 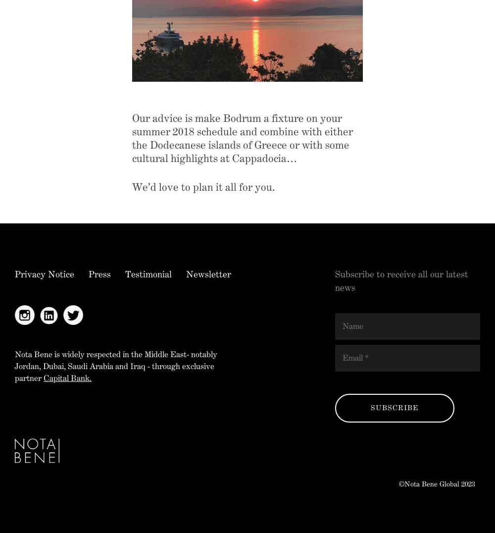 I want to click on 'Our advice is make Bodrum a fixture on your summer 2018 schedule and combine with either the Dodecanese islands of Greece or with some cultural highlights at Cappadocia…', so click(x=132, y=138).